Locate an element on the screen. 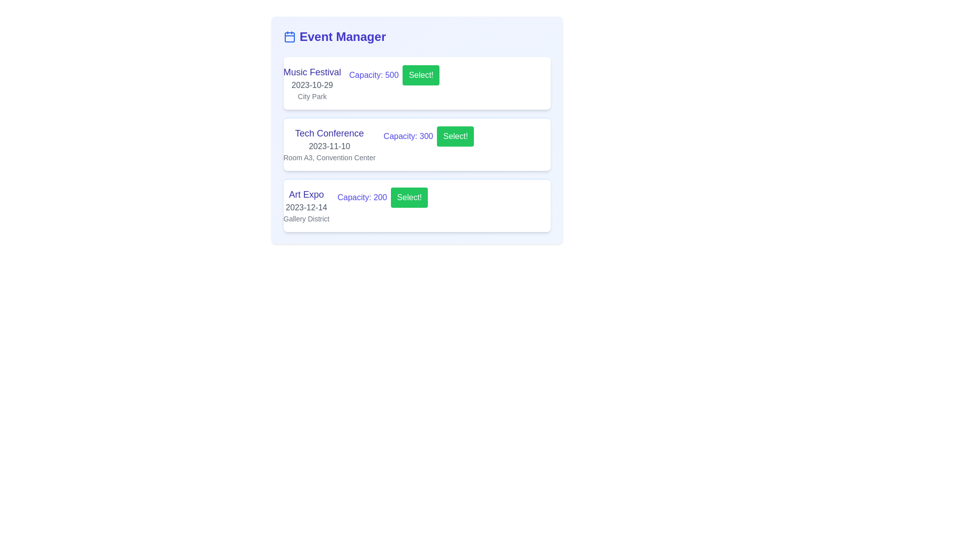  text displayed in the label that shows 'Art Expo' in large indigo font, located in the third event block above the date and location details is located at coordinates (305, 195).